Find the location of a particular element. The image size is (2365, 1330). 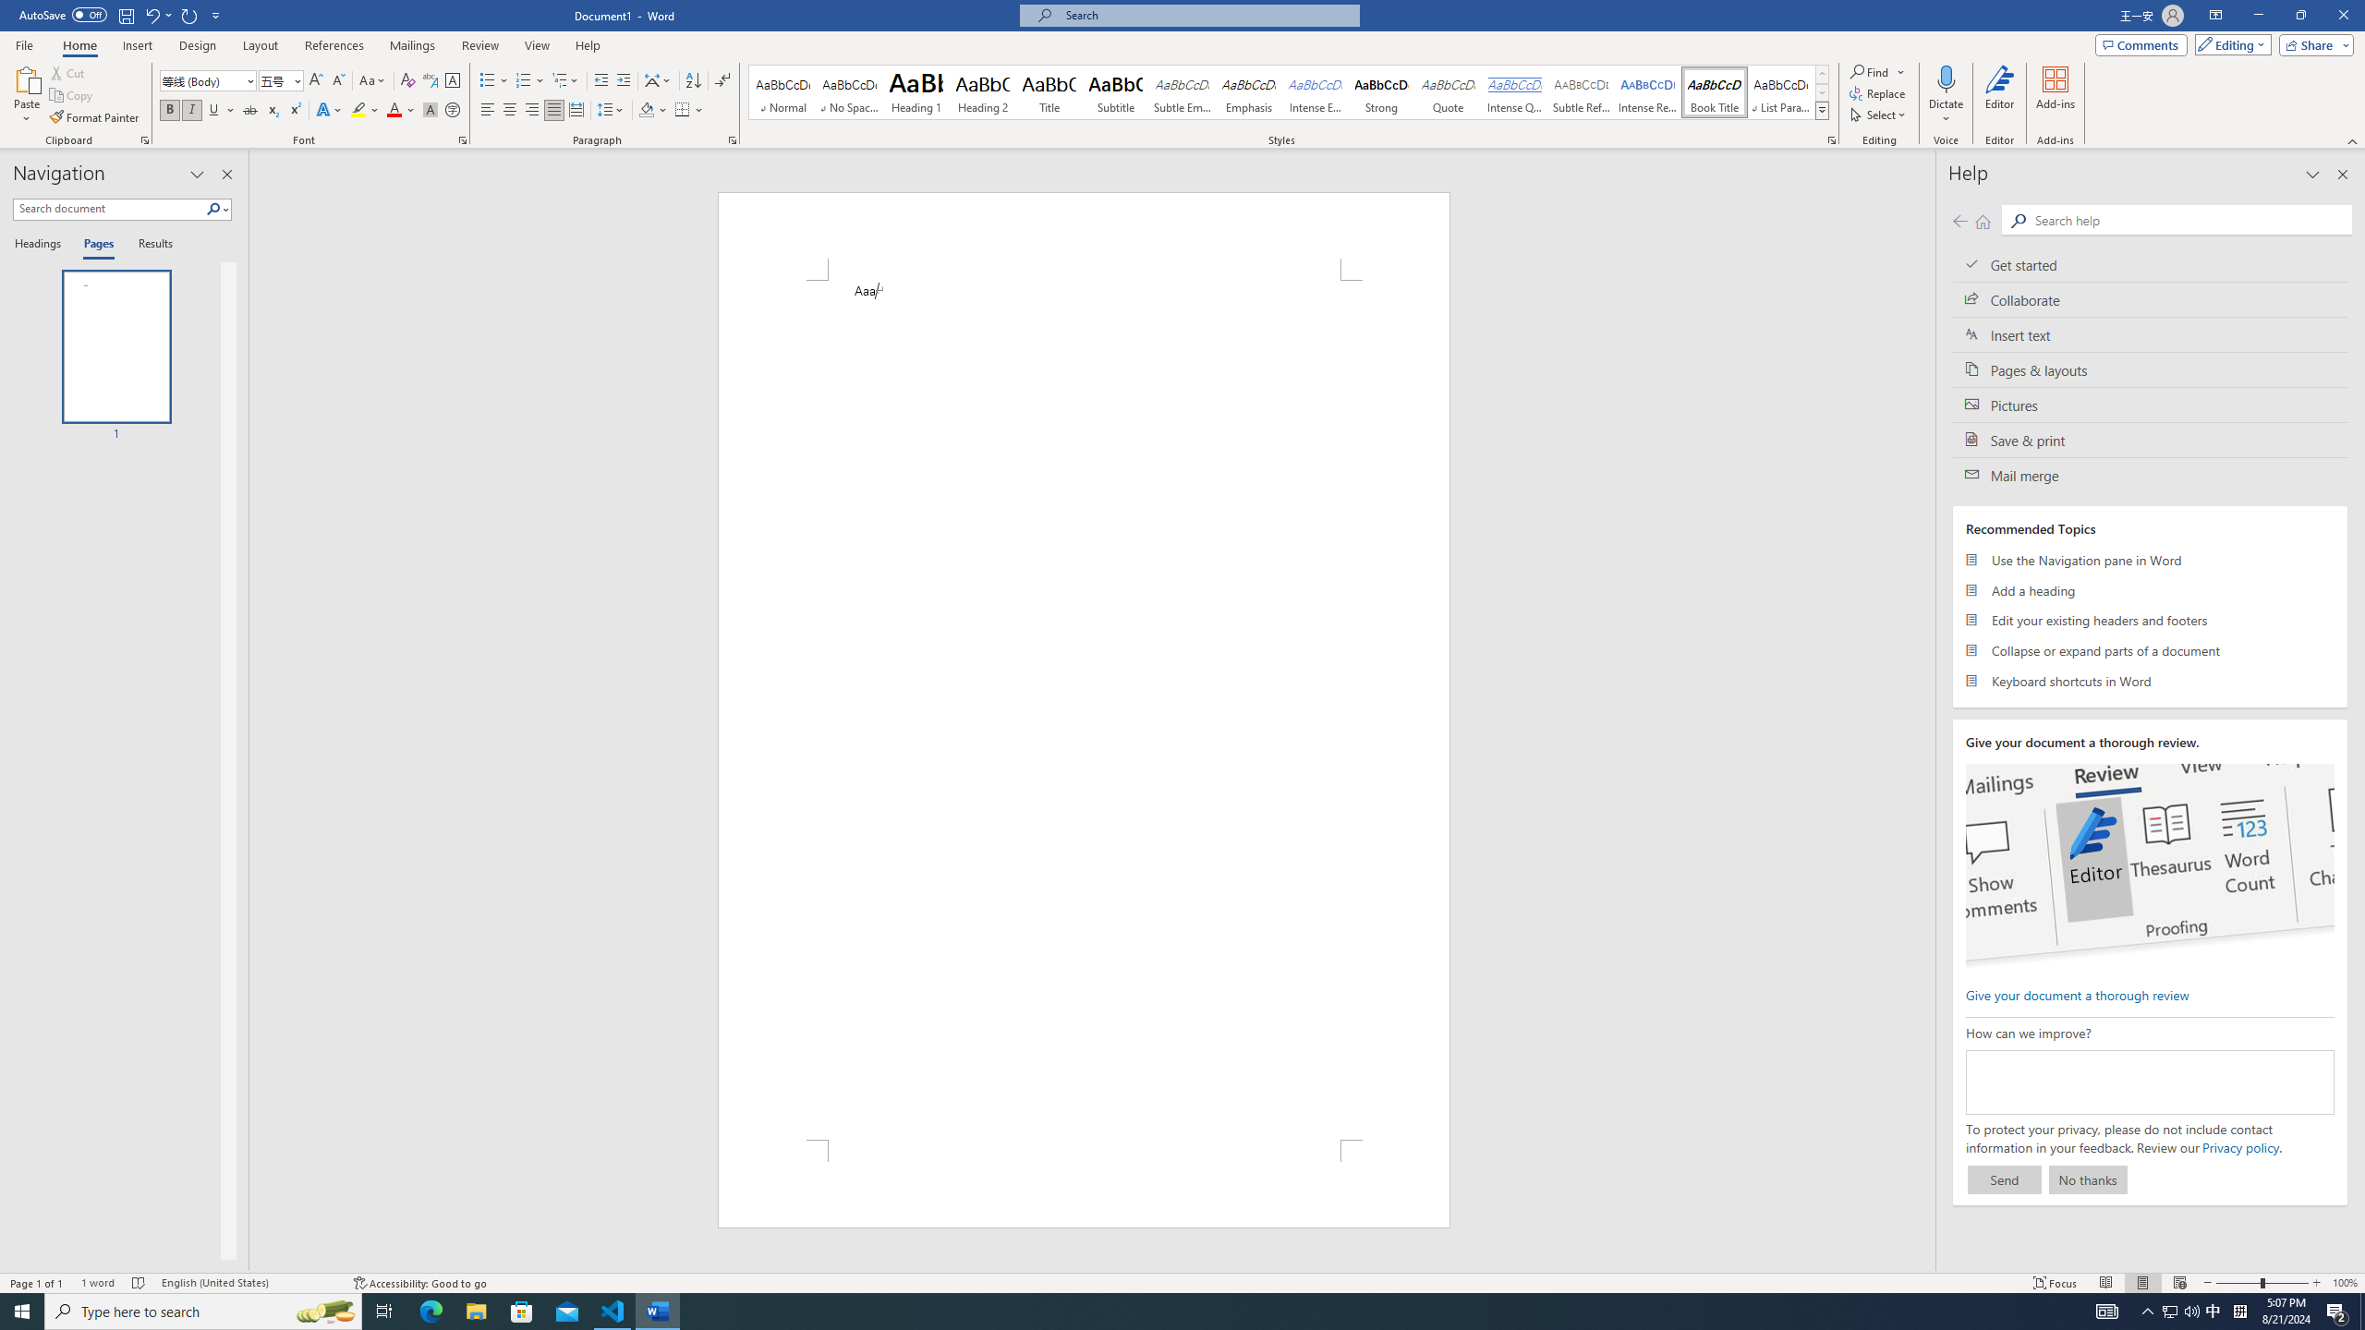

'Collaborate' is located at coordinates (2150, 298).